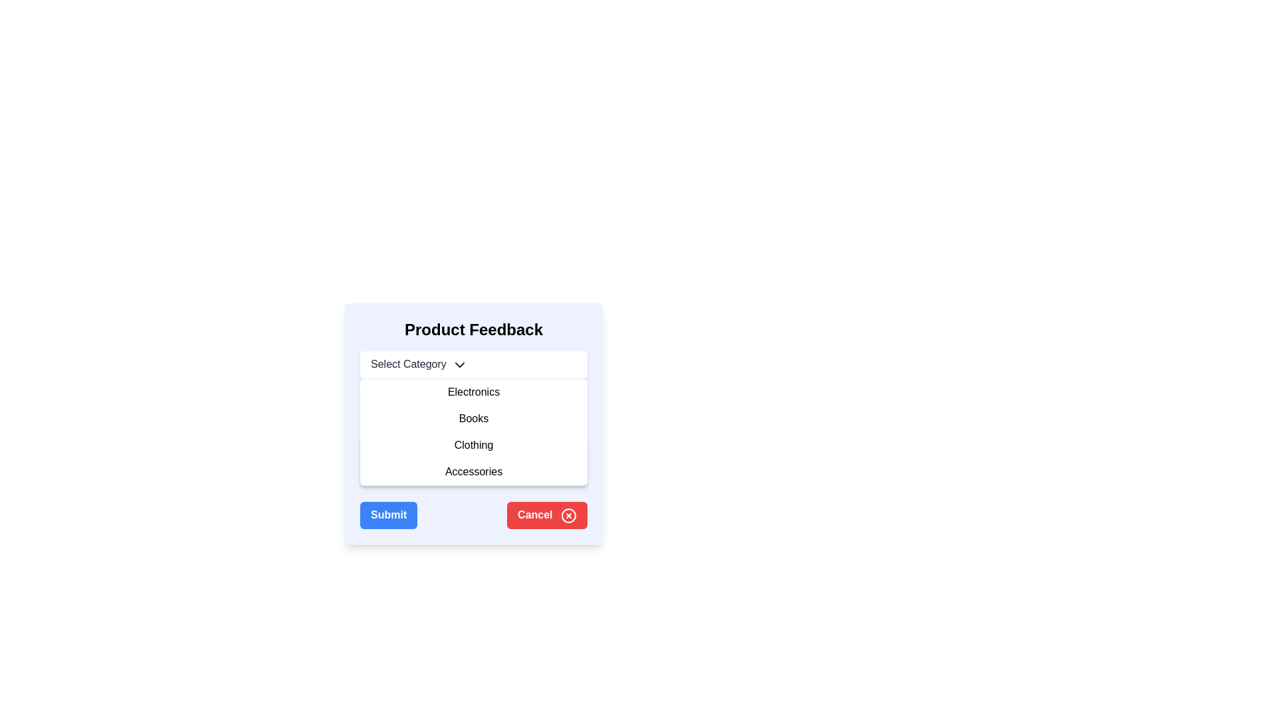 The width and height of the screenshot is (1276, 717). Describe the element at coordinates (474, 470) in the screenshot. I see `the fourth item in the dropdown menu labeled 'Accessories' to change its background color` at that location.